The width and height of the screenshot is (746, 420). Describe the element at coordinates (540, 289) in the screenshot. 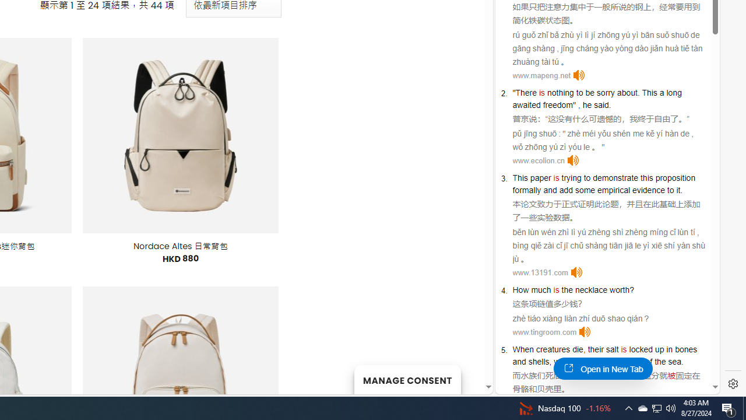

I see `'much'` at that location.